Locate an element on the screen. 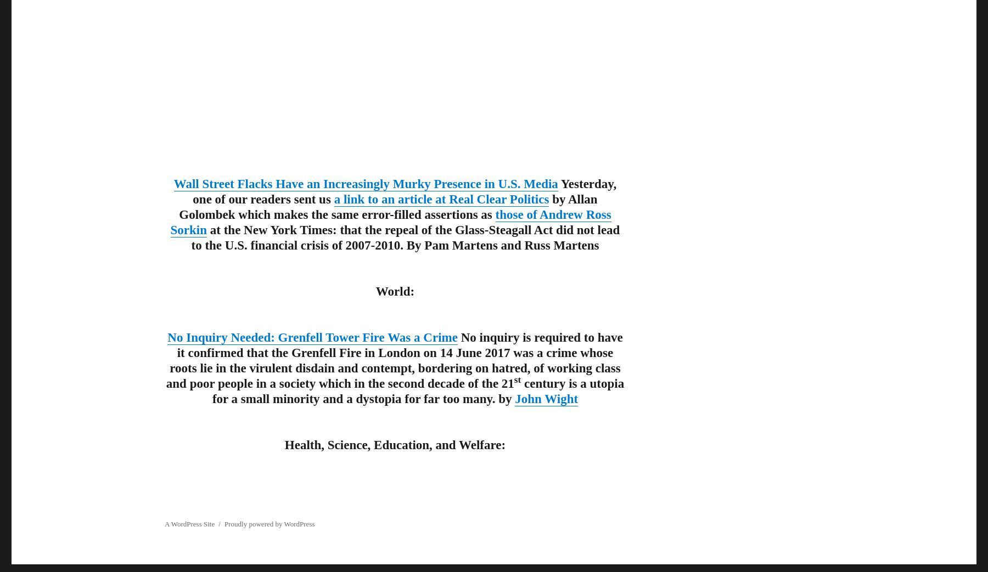  'century is a utopia for a small minority and a dystopia for far too many. by' is located at coordinates (417, 390).